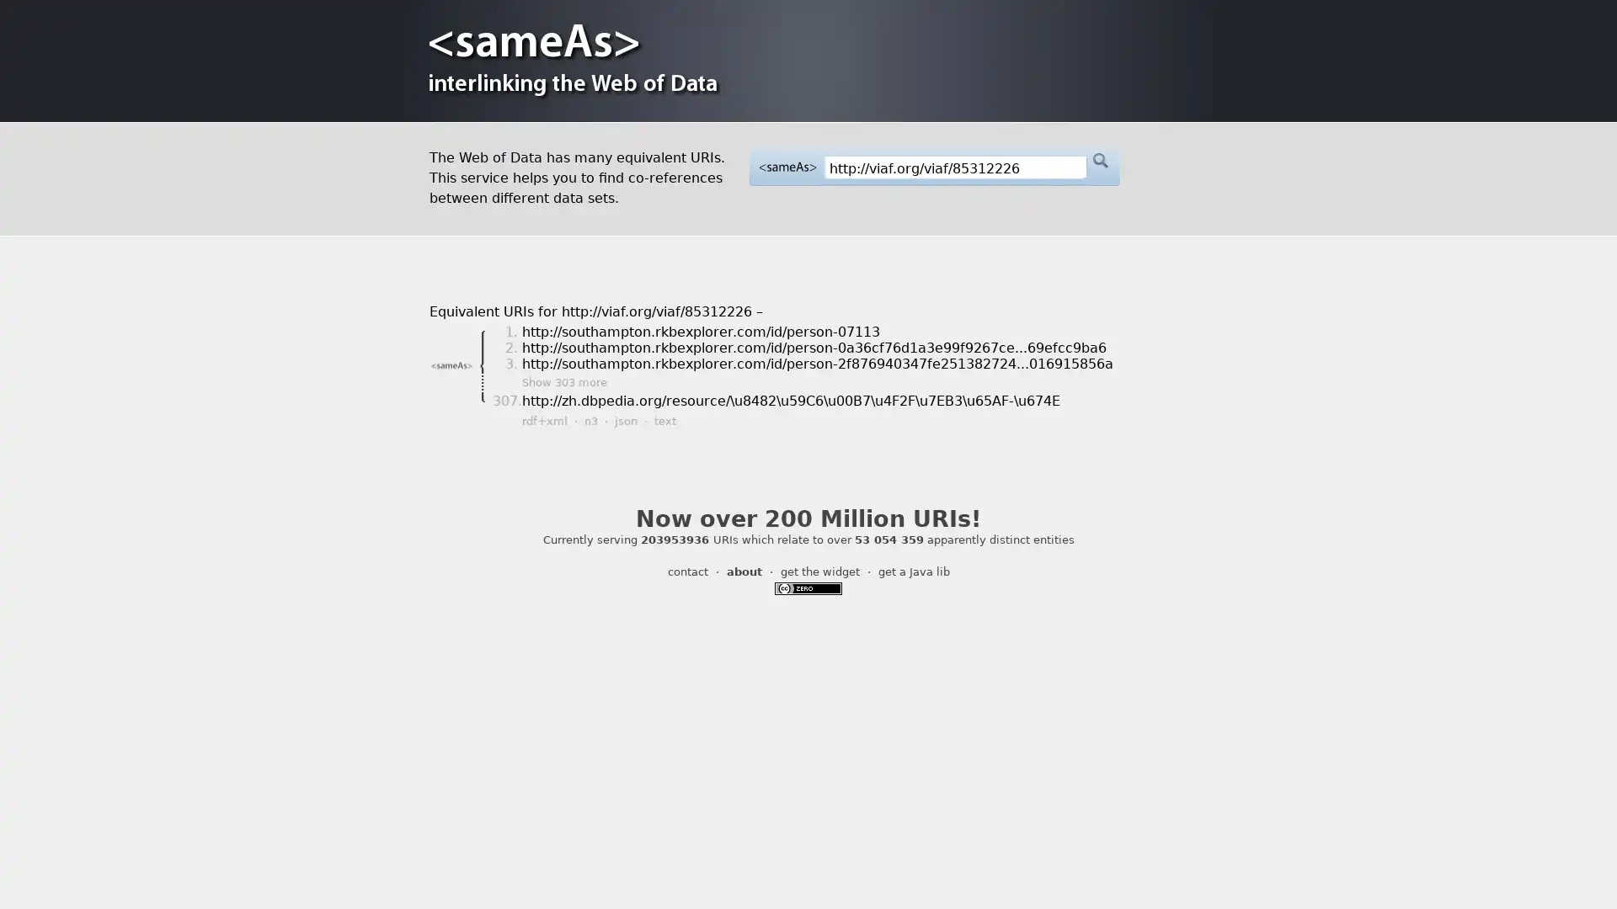 Image resolution: width=1617 pixels, height=909 pixels. What do you see at coordinates (1099, 161) in the screenshot?
I see `Submit` at bounding box center [1099, 161].